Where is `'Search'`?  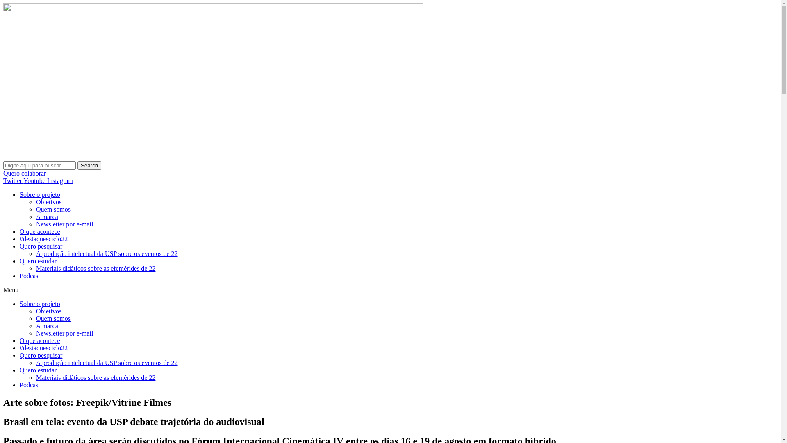
'Search' is located at coordinates (89, 165).